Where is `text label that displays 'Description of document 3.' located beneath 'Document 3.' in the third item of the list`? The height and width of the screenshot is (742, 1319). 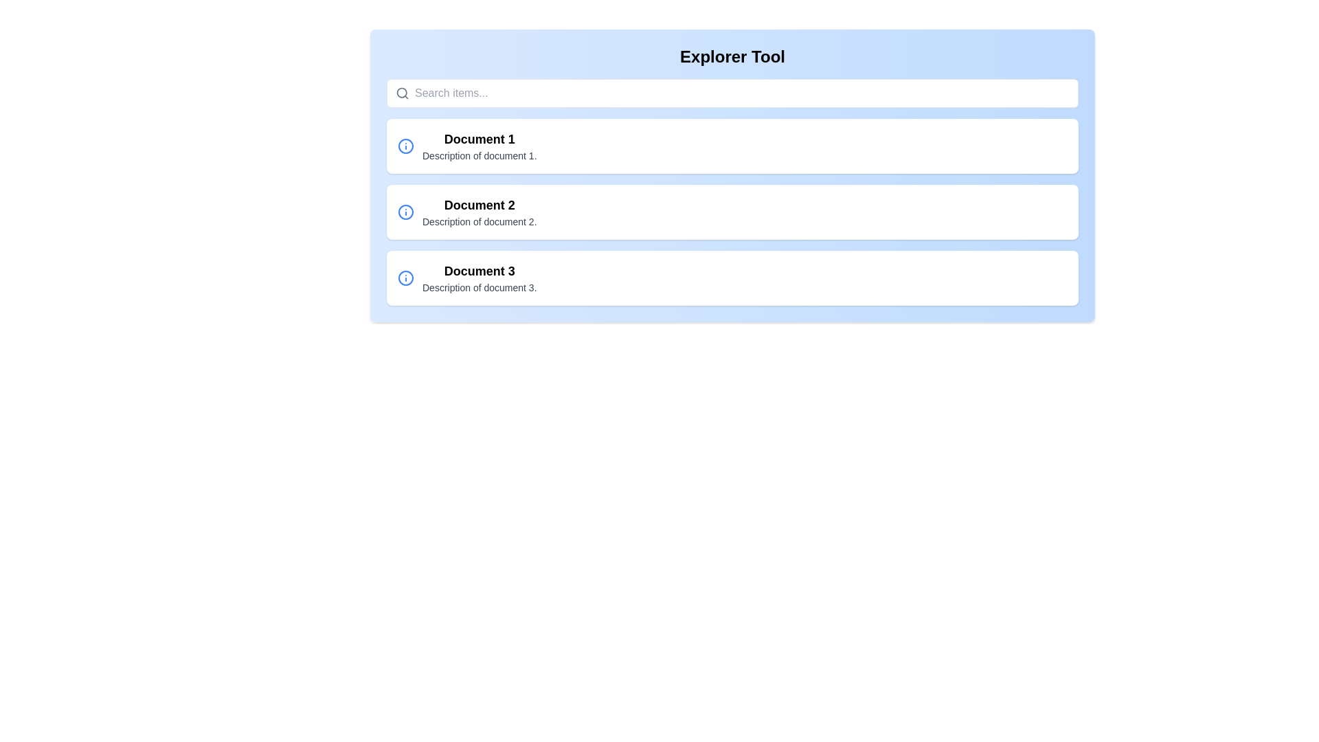 text label that displays 'Description of document 3.' located beneath 'Document 3.' in the third item of the list is located at coordinates (480, 287).